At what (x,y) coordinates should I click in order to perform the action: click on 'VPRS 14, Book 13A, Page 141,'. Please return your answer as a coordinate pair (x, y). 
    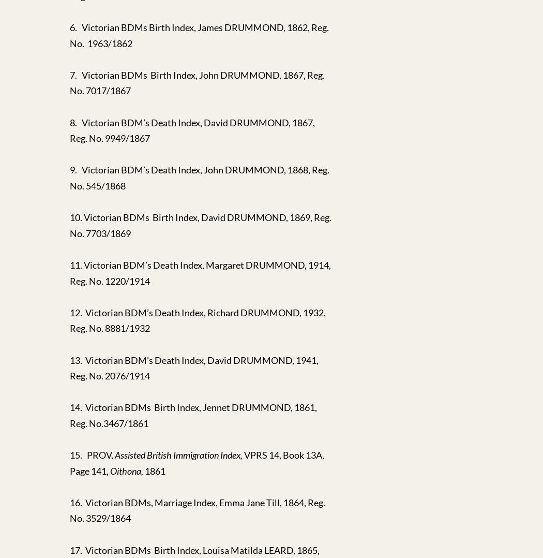
    Looking at the image, I should click on (197, 462).